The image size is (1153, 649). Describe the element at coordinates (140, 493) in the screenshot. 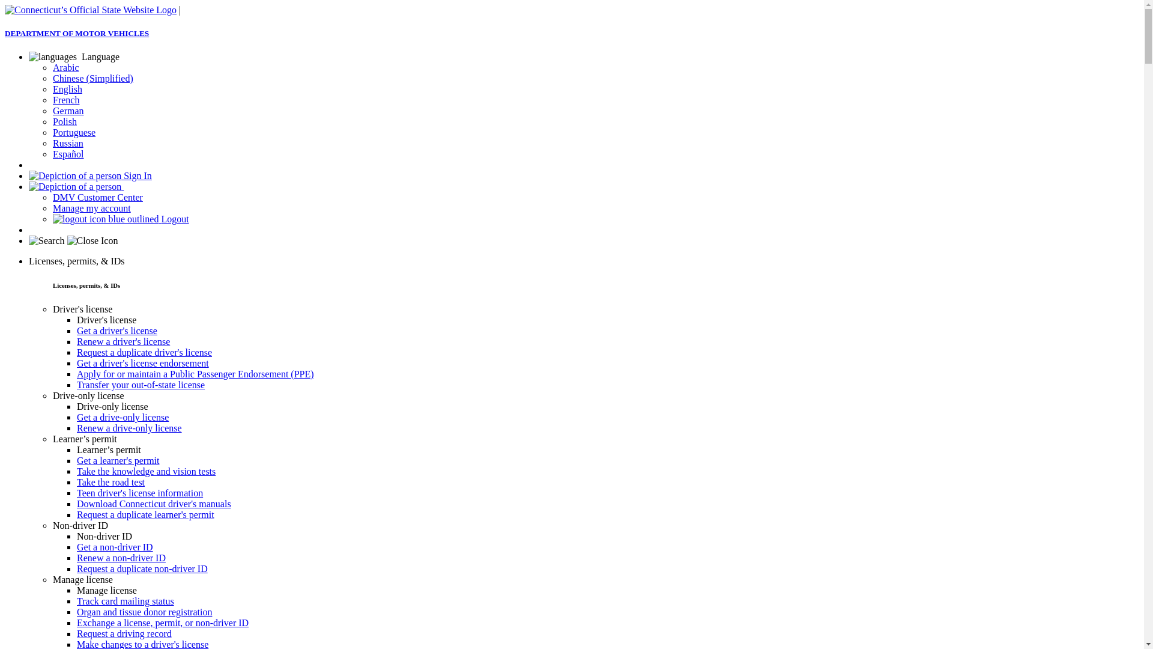

I see `'Teen driver's license information'` at that location.